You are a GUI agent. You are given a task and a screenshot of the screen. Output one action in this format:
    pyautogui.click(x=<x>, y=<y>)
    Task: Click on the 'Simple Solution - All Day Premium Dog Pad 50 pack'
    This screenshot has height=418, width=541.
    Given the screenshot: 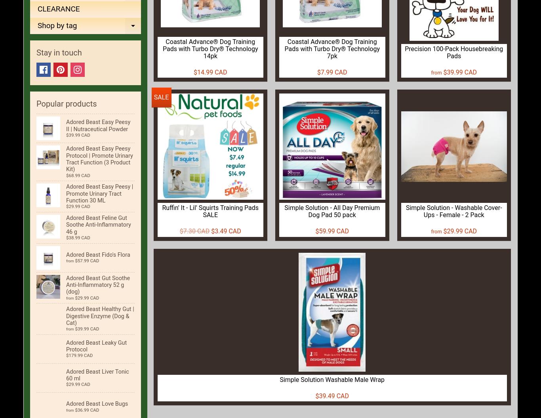 What is the action you would take?
    pyautogui.click(x=331, y=210)
    